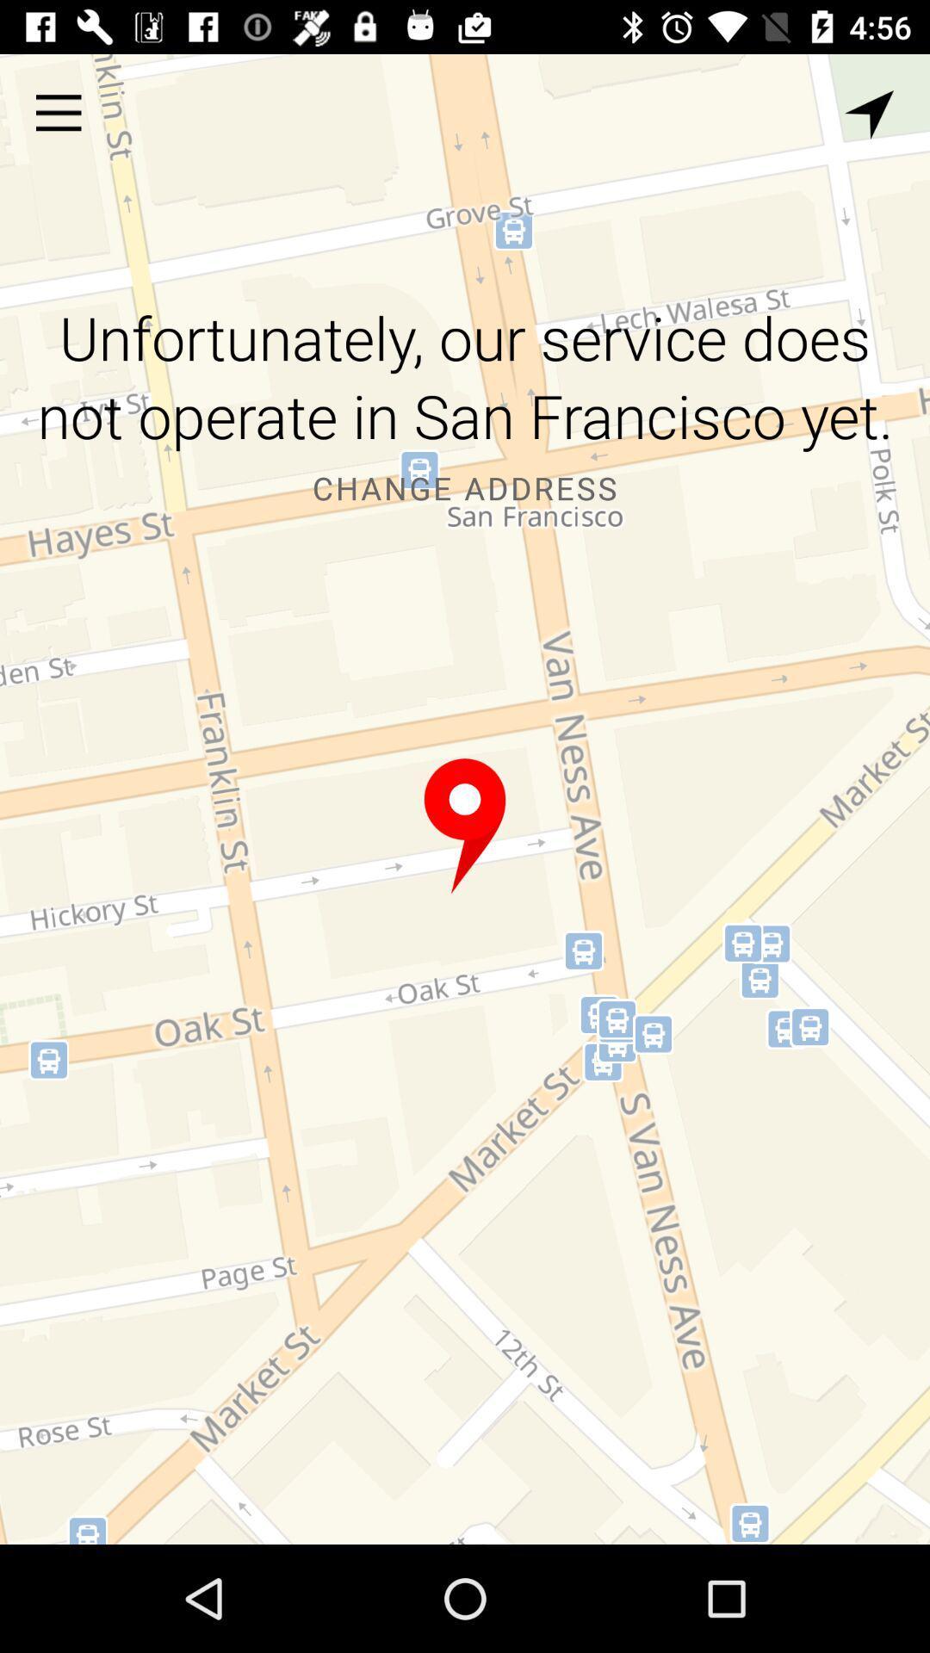 This screenshot has height=1653, width=930. What do you see at coordinates (869, 114) in the screenshot?
I see `navigation` at bounding box center [869, 114].